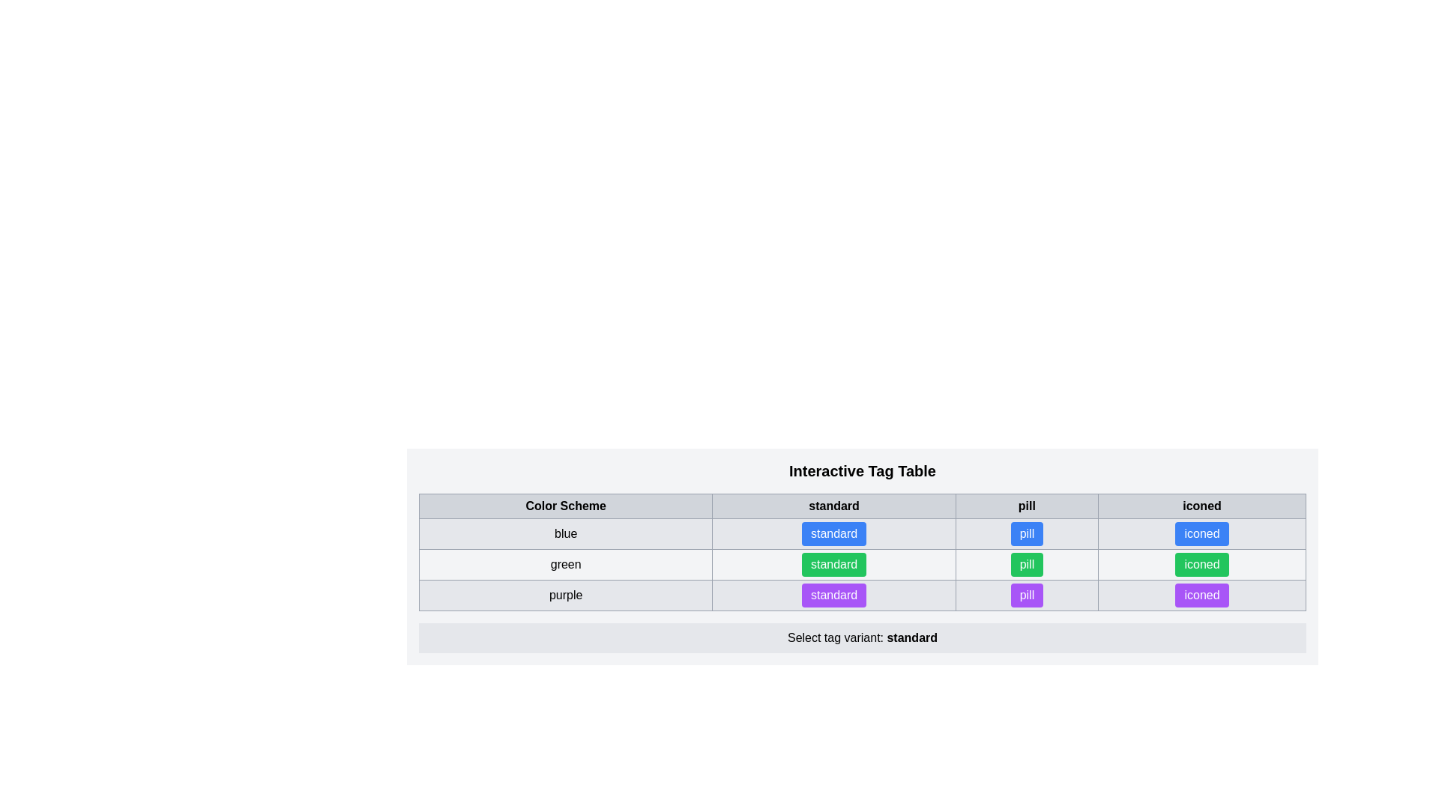 This screenshot has width=1439, height=809. I want to click on the third button in the row labeled 'blue' under the column titled 'standard', so click(863, 533).